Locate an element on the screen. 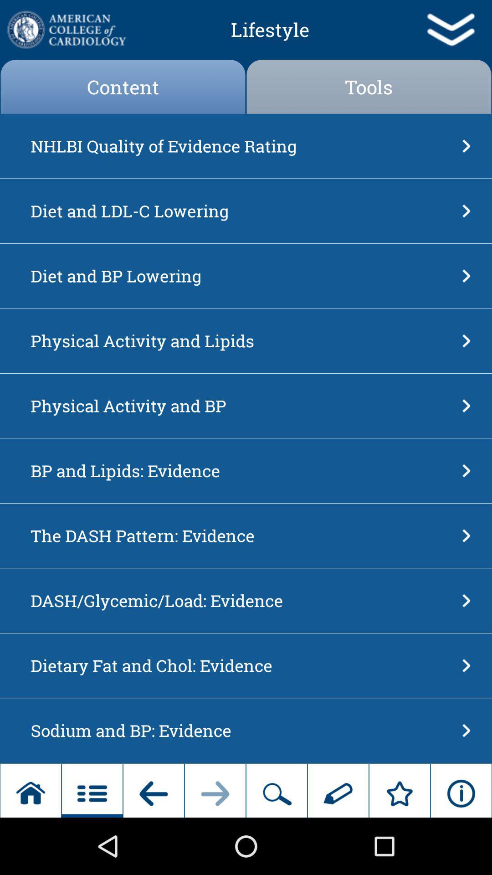 This screenshot has width=492, height=875. tools button is located at coordinates (369, 87).